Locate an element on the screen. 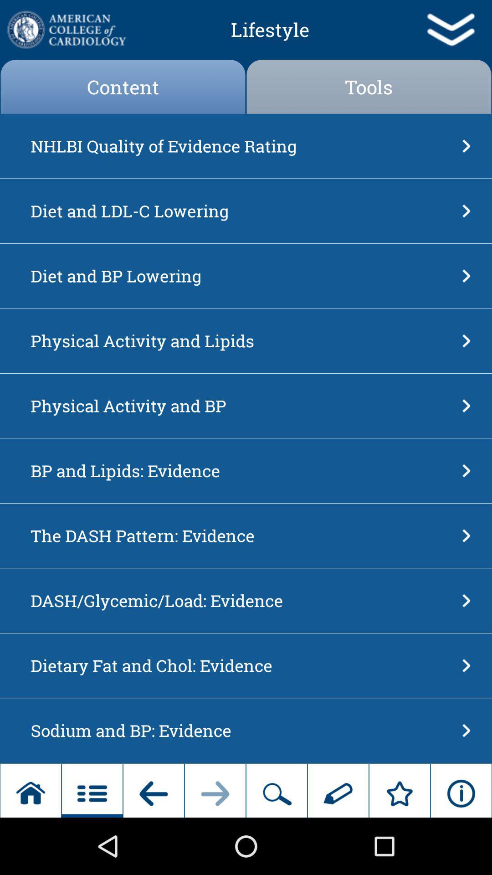 This screenshot has width=492, height=875. tools button is located at coordinates (369, 87).